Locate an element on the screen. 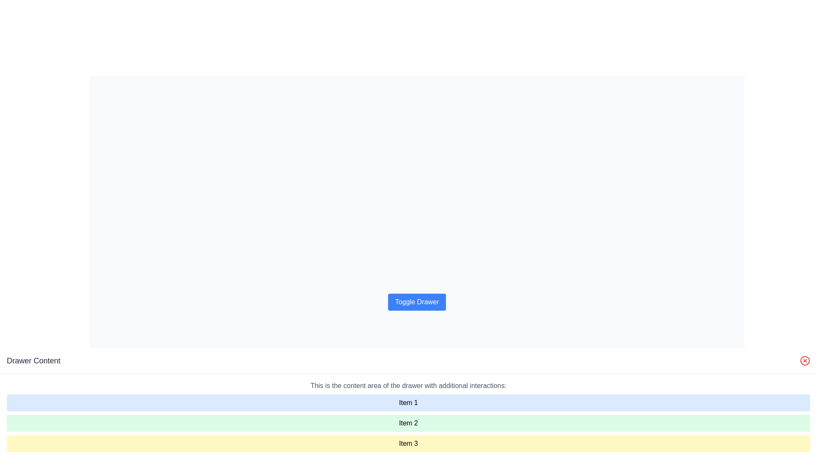  the introductory Text element located at the top of the drawer section, above the listed items is located at coordinates (408, 385).